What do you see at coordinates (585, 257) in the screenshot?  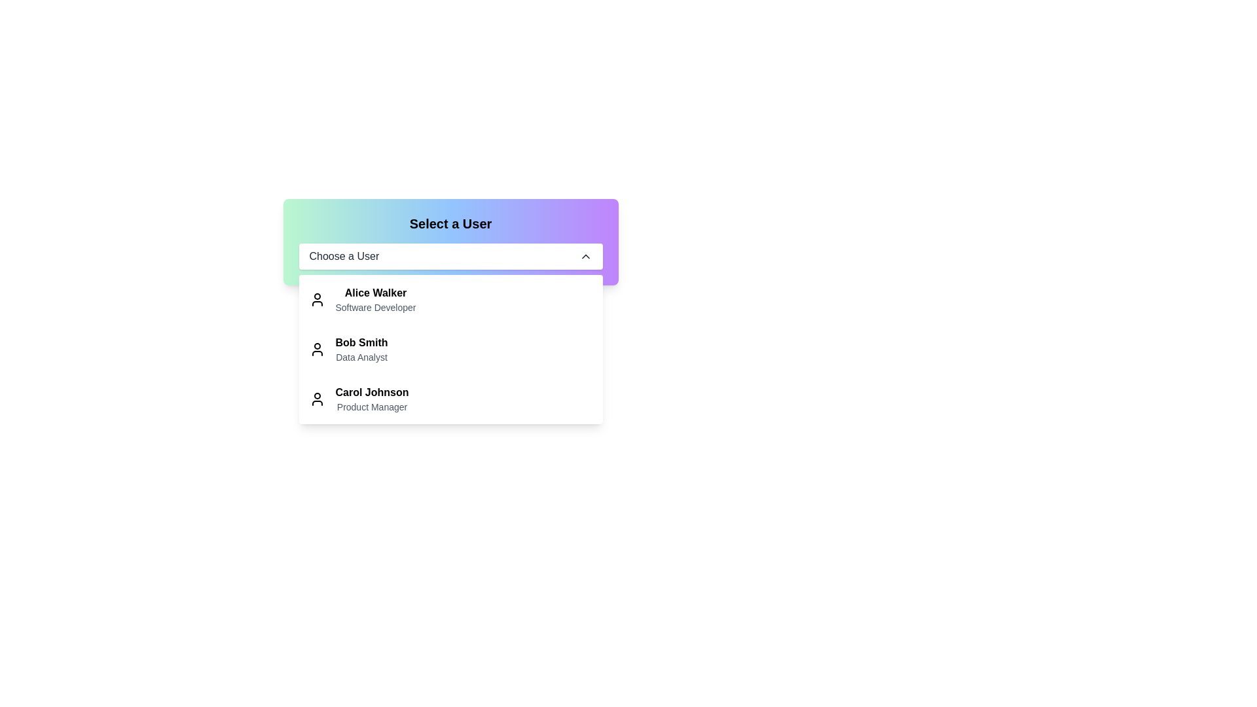 I see `the upward-pointing chevron icon button located at the far right of the 'Choose a User' bar` at bounding box center [585, 257].